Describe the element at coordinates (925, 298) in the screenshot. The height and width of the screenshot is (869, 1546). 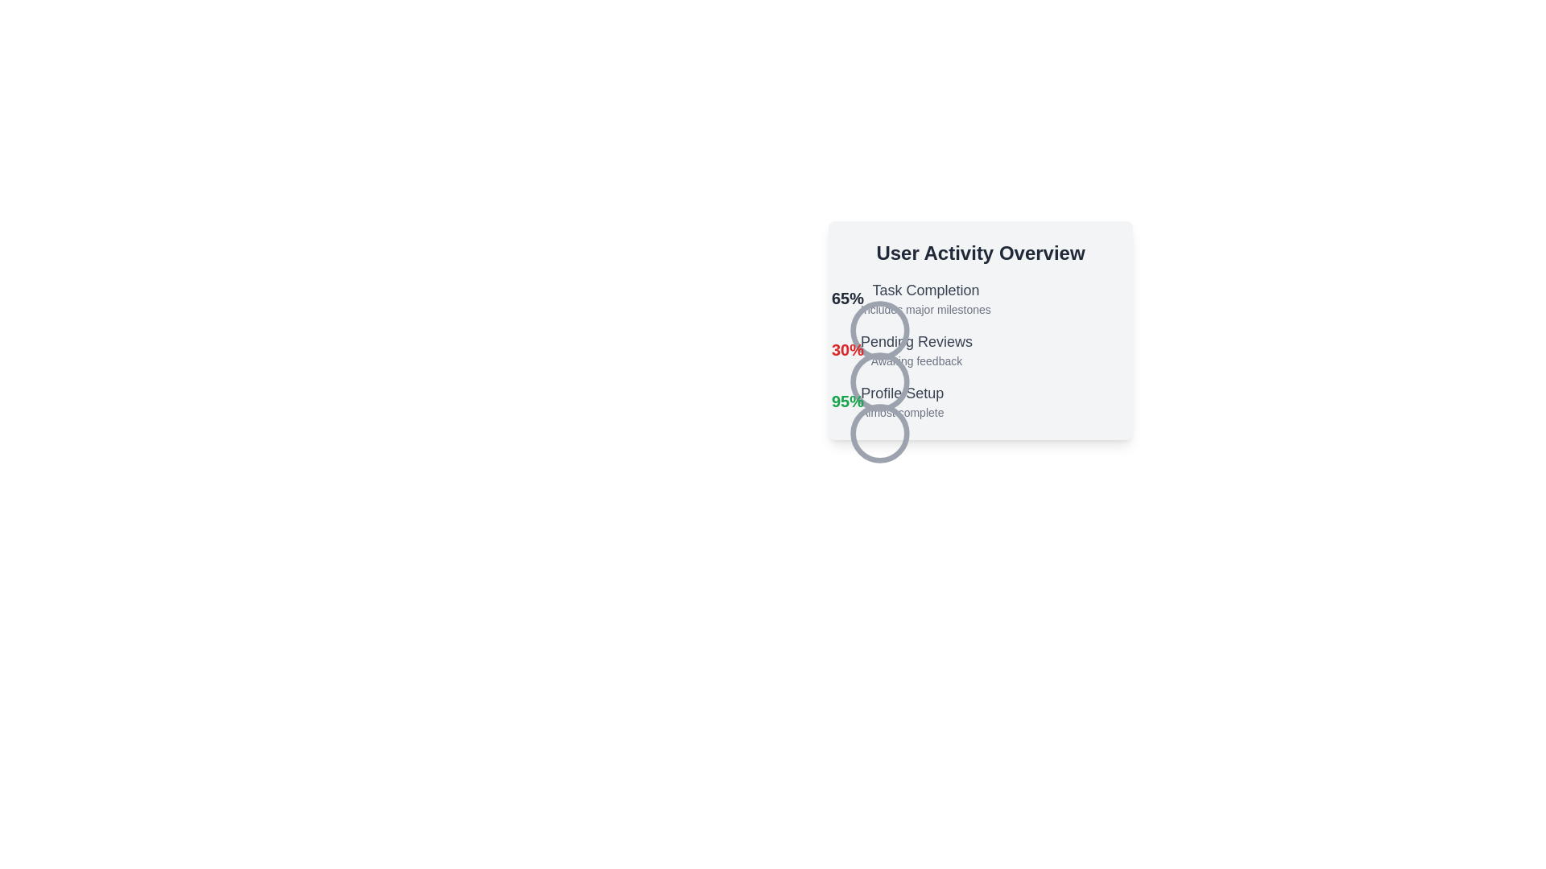
I see `the Text Display element that provides information on task completion, positioned below a circular graphical element representing '65%' in the 'User Activity Overview' section` at that location.